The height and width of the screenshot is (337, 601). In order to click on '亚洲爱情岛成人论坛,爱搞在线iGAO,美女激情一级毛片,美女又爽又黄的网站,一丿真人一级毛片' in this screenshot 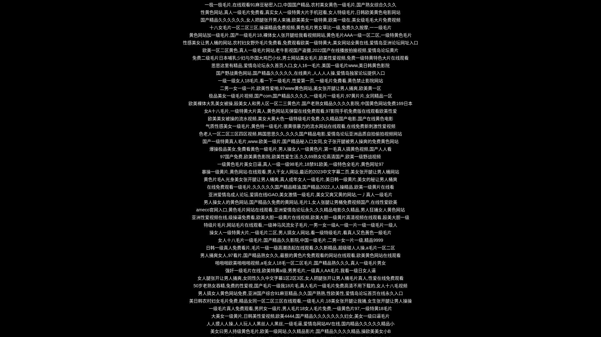, I will do `click(300, 195)`.